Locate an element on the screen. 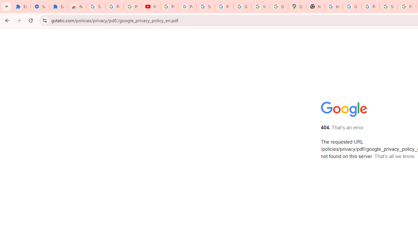 This screenshot has width=418, height=235. 'YouTube' is located at coordinates (151, 7).